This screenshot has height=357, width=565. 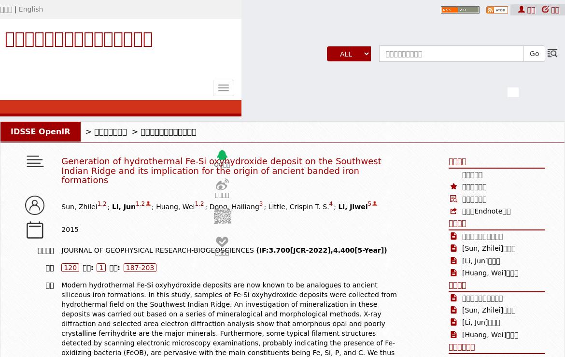 What do you see at coordinates (87, 267) in the screenshot?
I see `'期号:'` at bounding box center [87, 267].